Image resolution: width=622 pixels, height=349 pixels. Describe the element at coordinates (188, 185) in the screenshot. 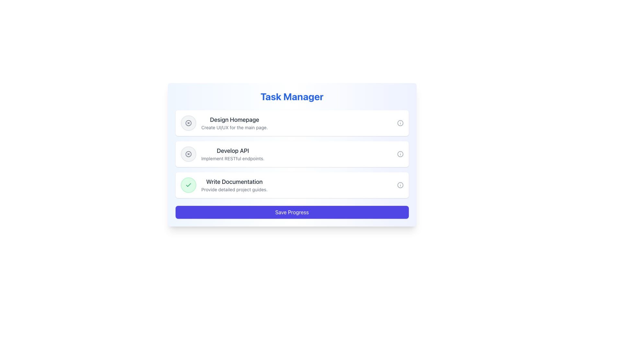

I see `the round light green button with a darker green checkmark icon located in the third task item labeled 'Write Documentation'` at that location.